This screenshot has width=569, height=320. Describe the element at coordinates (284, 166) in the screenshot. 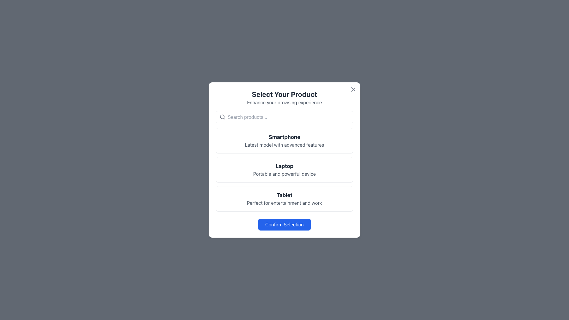

I see `the text label that serves as the title for the 'Laptop' category, positioned between 'Smartphone' and 'Tablet' with a subtitle describing it as 'Portable and powerful device.'` at that location.